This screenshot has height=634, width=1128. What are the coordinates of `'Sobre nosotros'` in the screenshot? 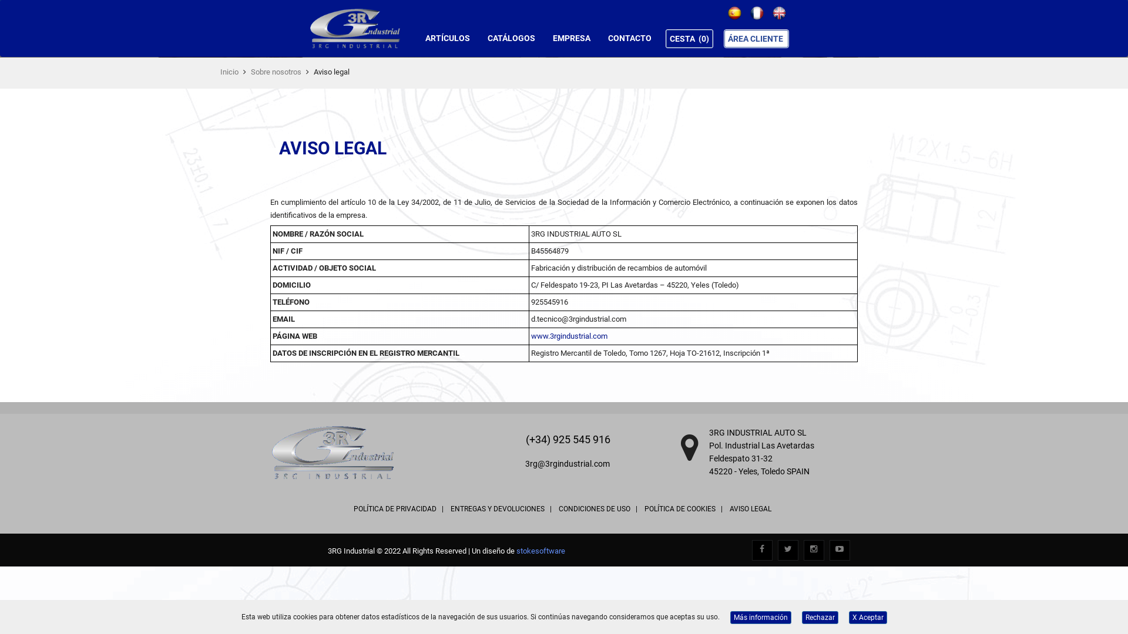 It's located at (250, 72).